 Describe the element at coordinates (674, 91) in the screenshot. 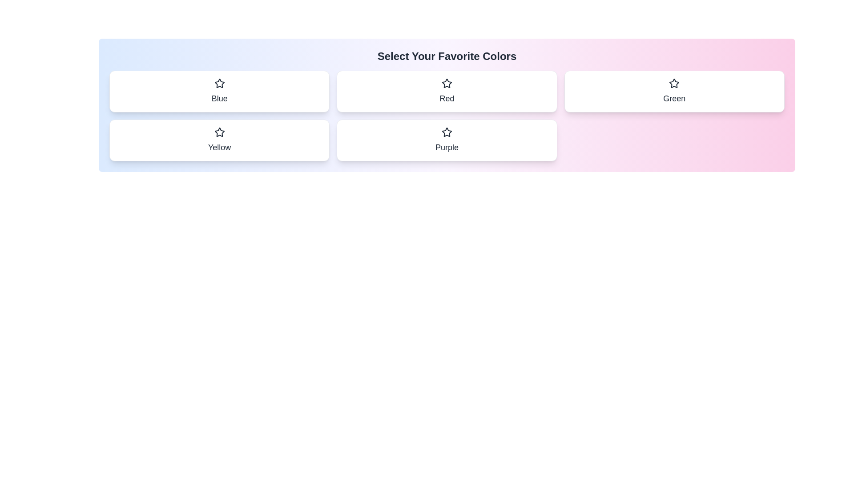

I see `the color chip labeled Green` at that location.